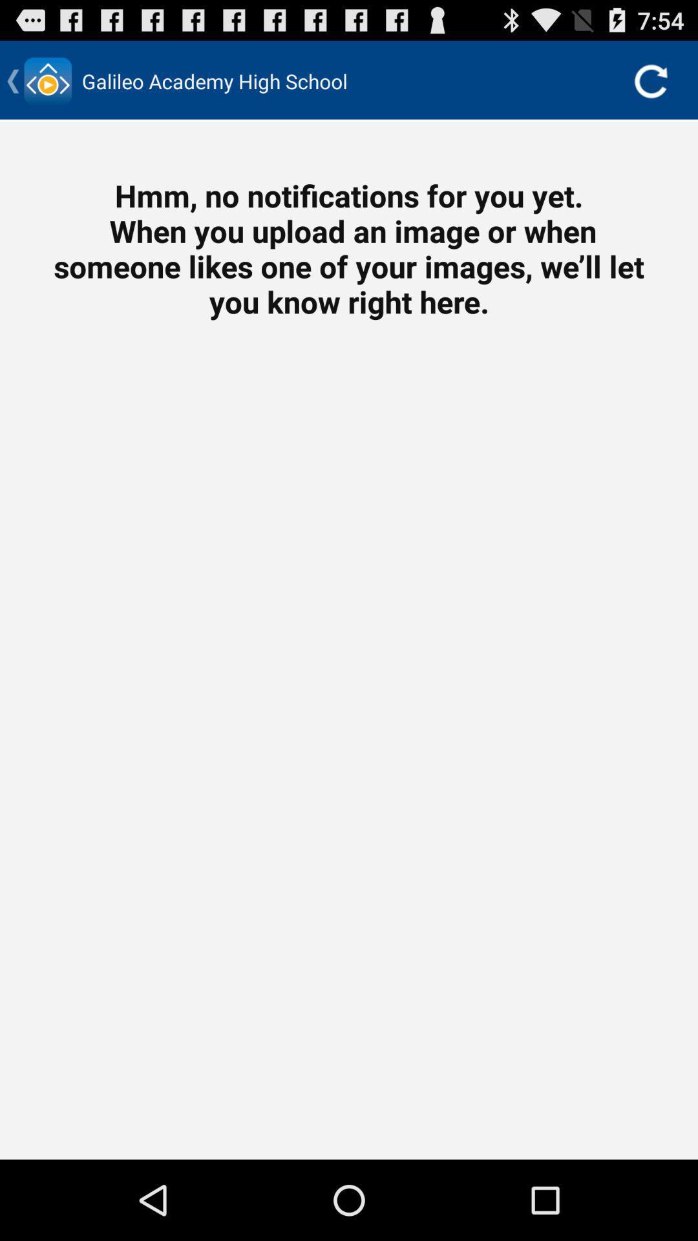 The image size is (698, 1241). I want to click on item next to galileo academy high item, so click(650, 80).